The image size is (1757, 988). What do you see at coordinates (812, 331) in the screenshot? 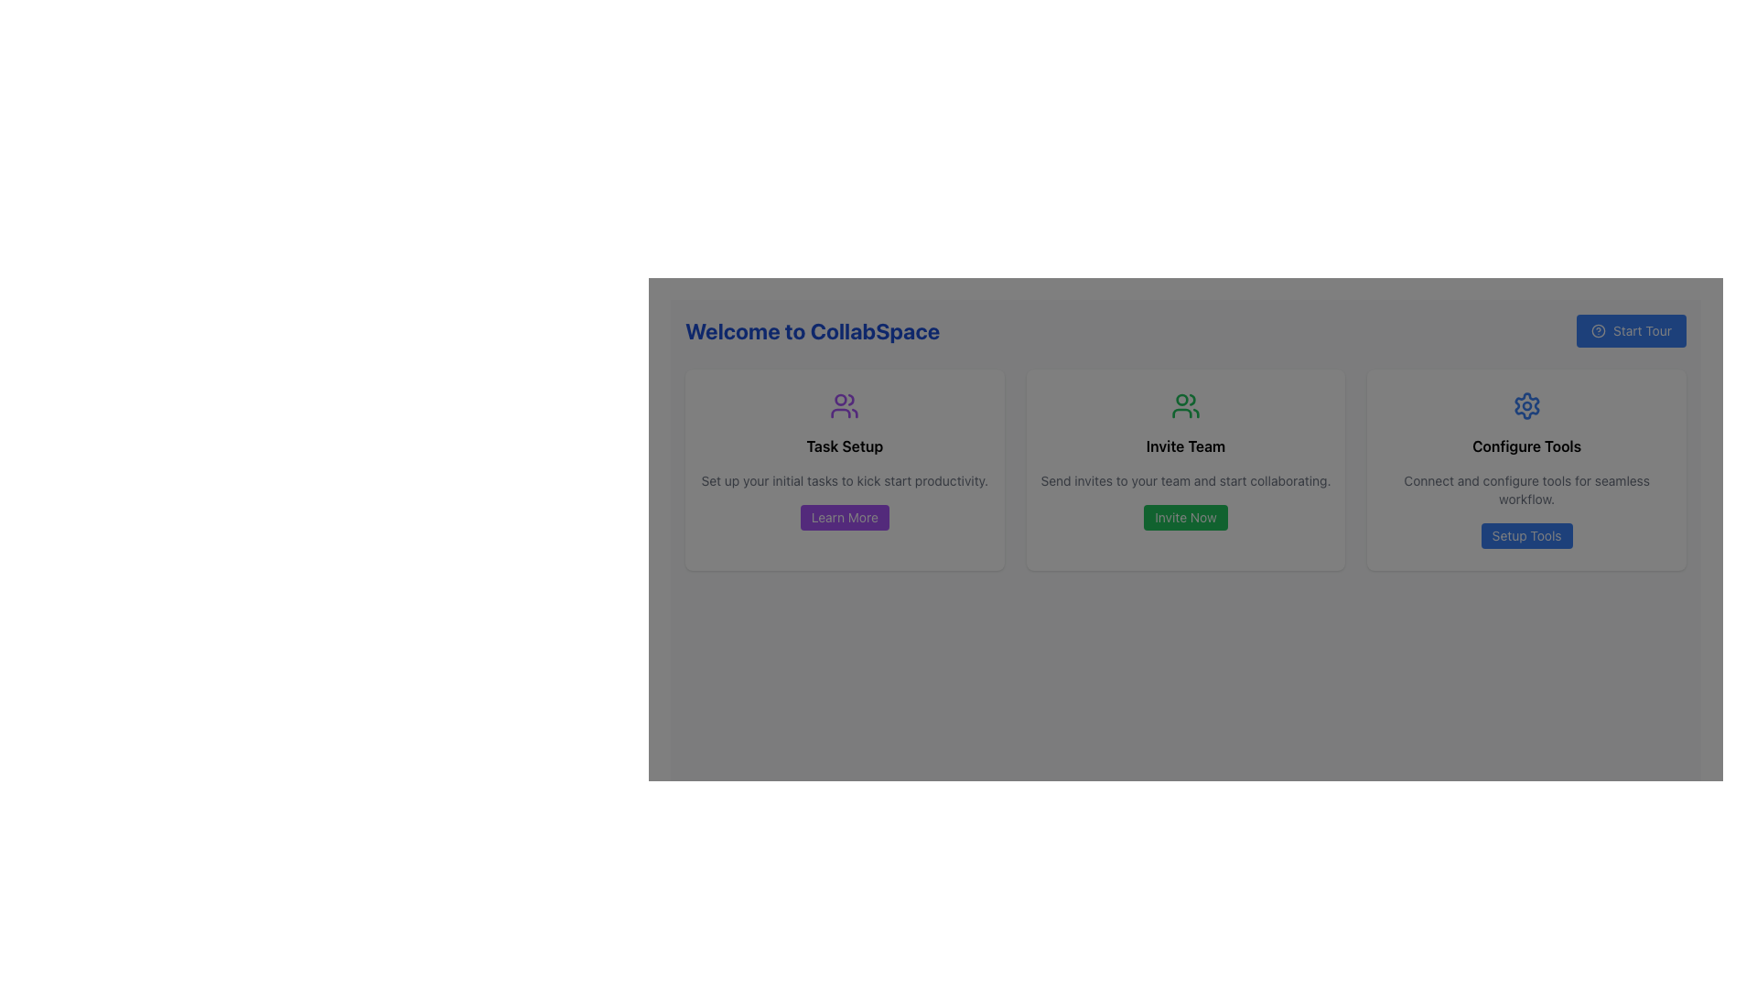
I see `the bold header text 'Welcome to CollabSpace', which is styled in blue and prominently displayed at the top of the interface` at bounding box center [812, 331].